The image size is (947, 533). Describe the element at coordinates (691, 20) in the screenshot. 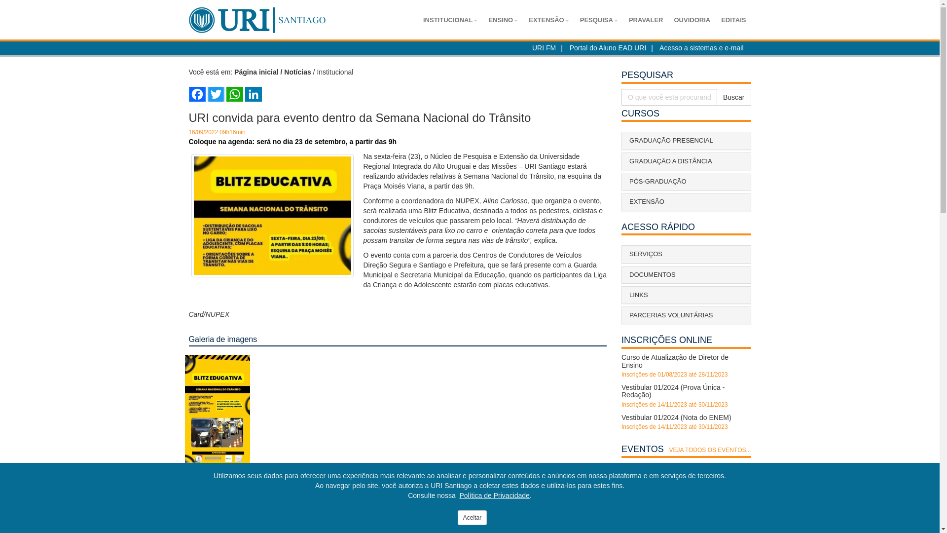

I see `'OUVIDORIA'` at that location.